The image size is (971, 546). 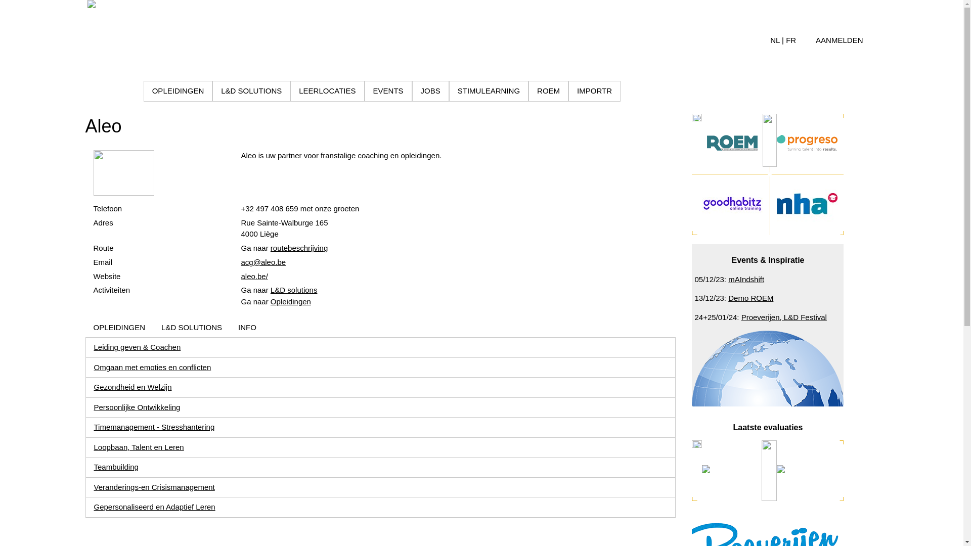 I want to click on 'acg@aleo.be', so click(x=263, y=261).